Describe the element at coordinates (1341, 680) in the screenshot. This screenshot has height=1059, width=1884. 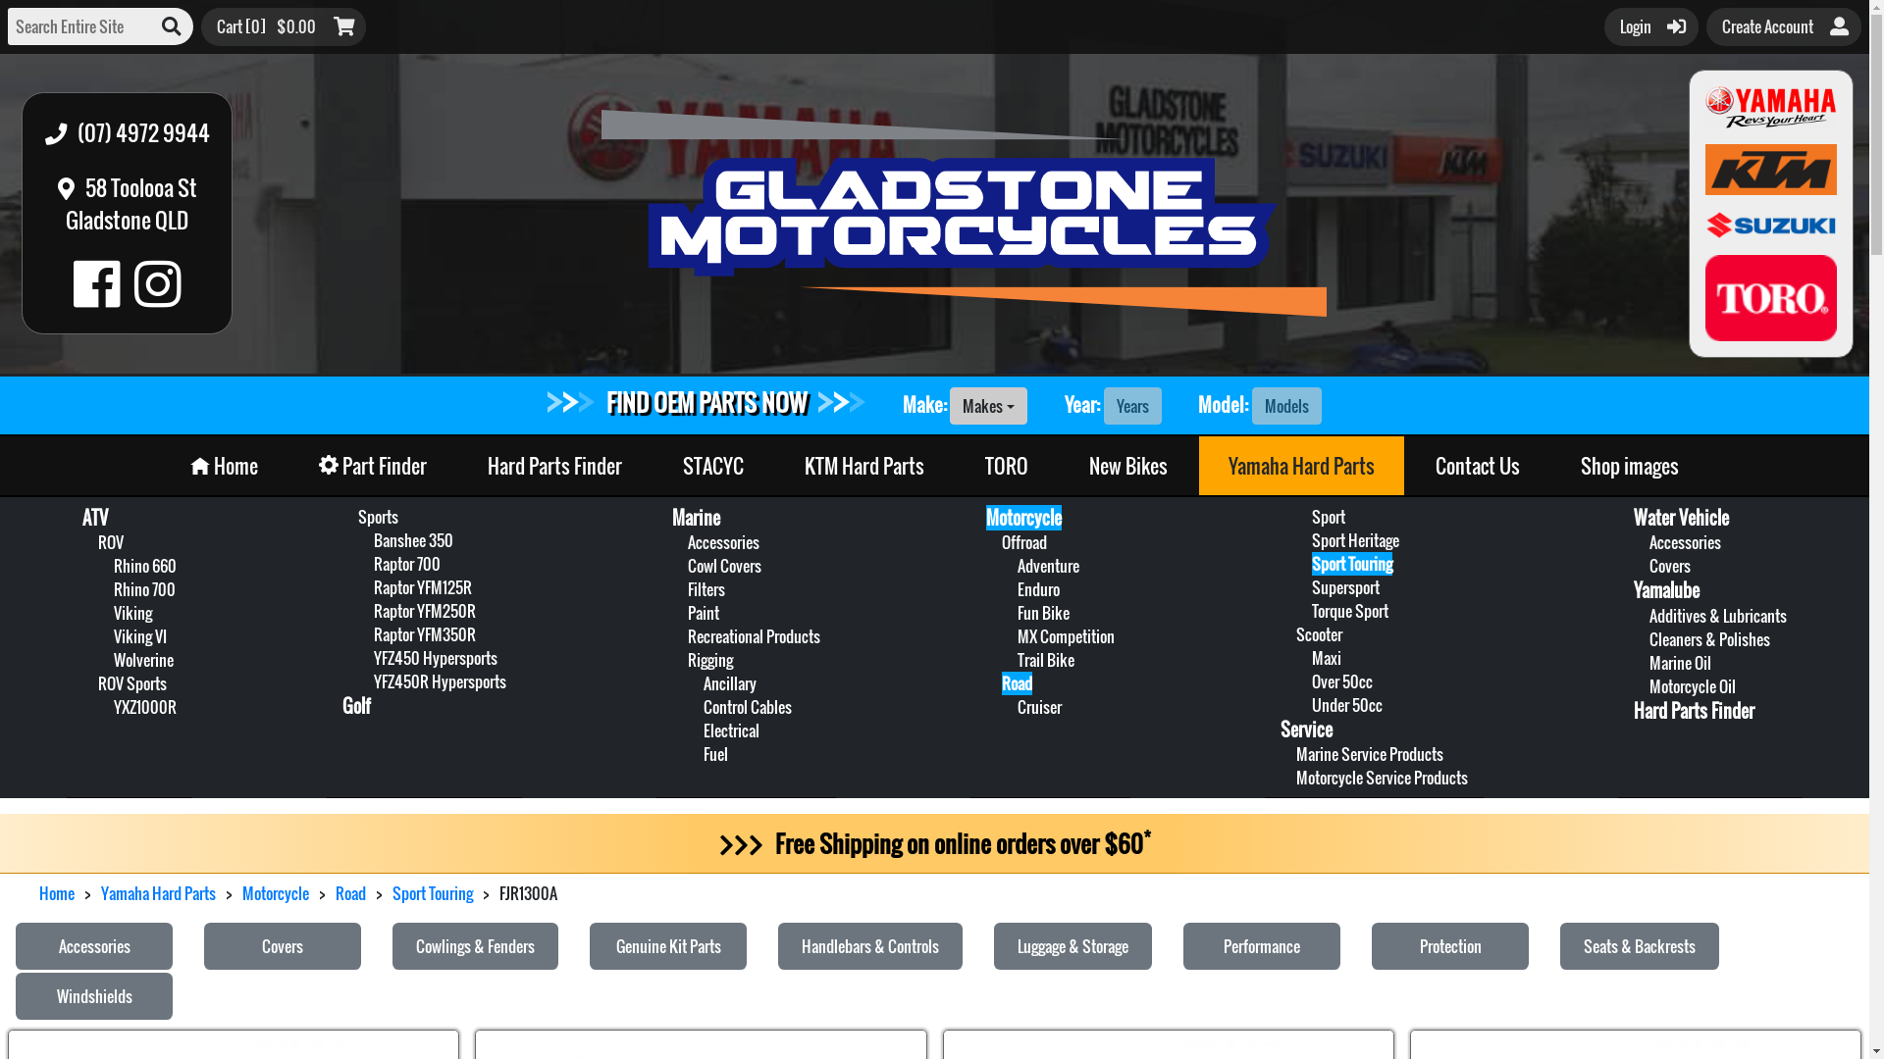
I see `'Over 50cc'` at that location.